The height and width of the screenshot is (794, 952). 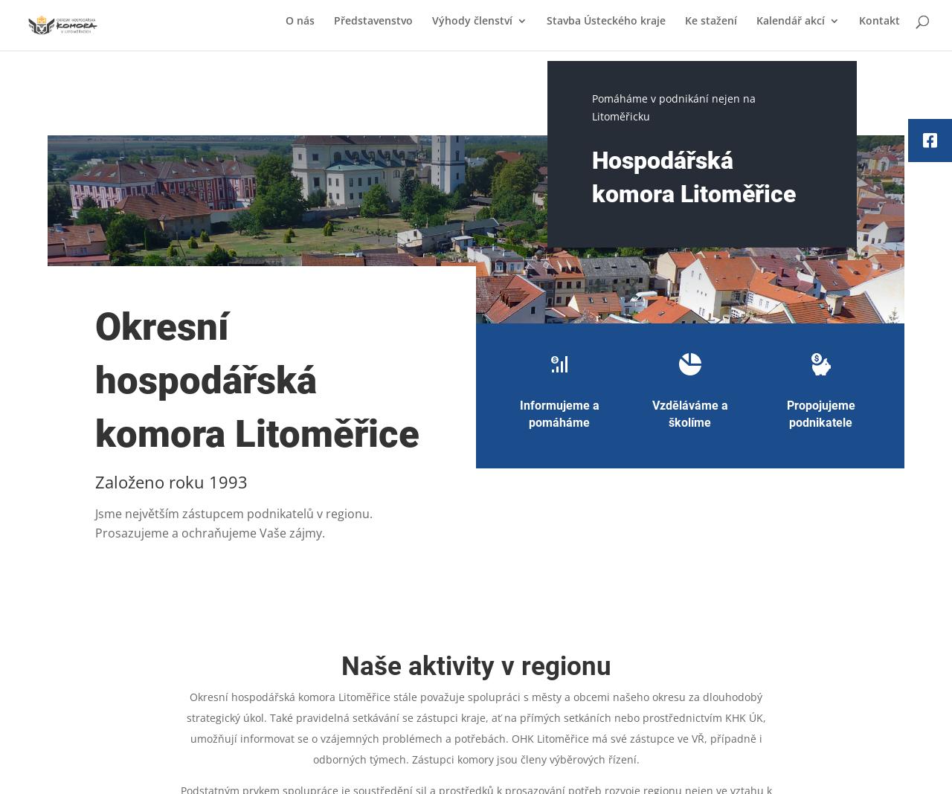 I want to click on 'Výhody členství', so click(x=472, y=28).